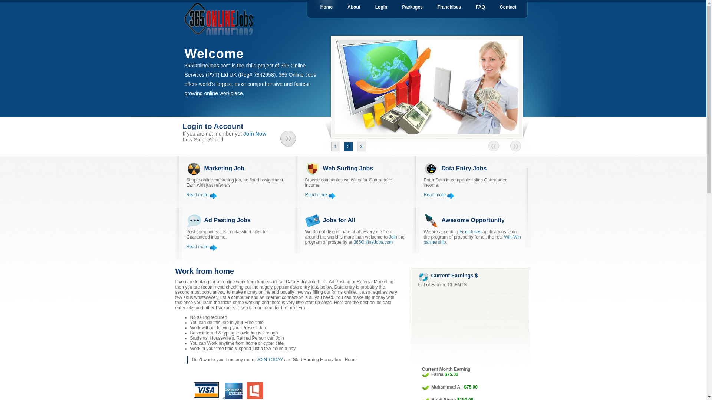 Image resolution: width=712 pixels, height=400 pixels. What do you see at coordinates (389, 237) in the screenshot?
I see `'Join'` at bounding box center [389, 237].